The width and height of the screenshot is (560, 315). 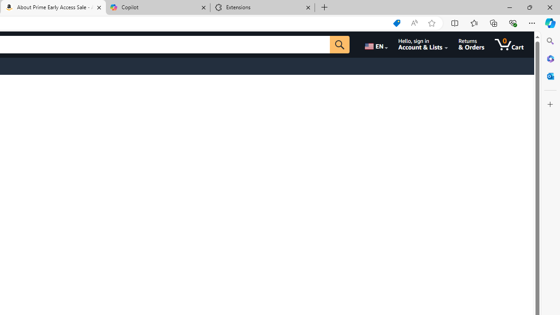 I want to click on 'Go', so click(x=339, y=44).